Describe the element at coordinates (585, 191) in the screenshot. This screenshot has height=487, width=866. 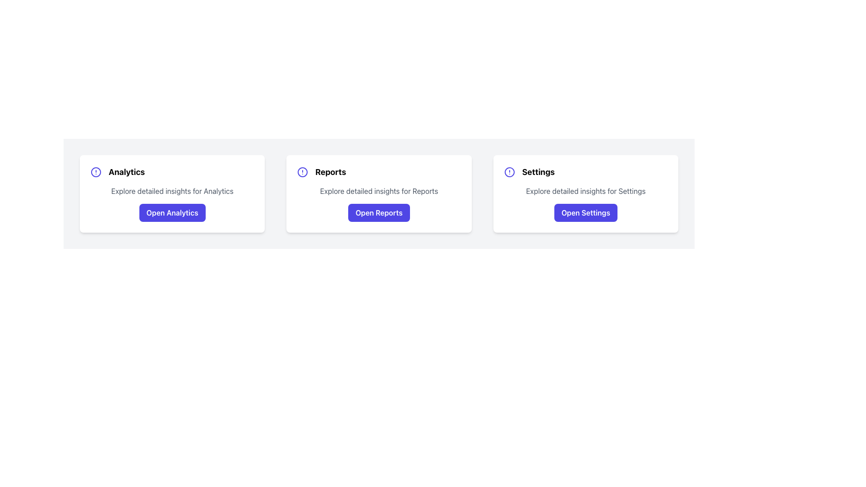
I see `the descriptive subtitle text located beneath the 'Settings' title and above the 'Open Settings' button in the third column of the layout` at that location.